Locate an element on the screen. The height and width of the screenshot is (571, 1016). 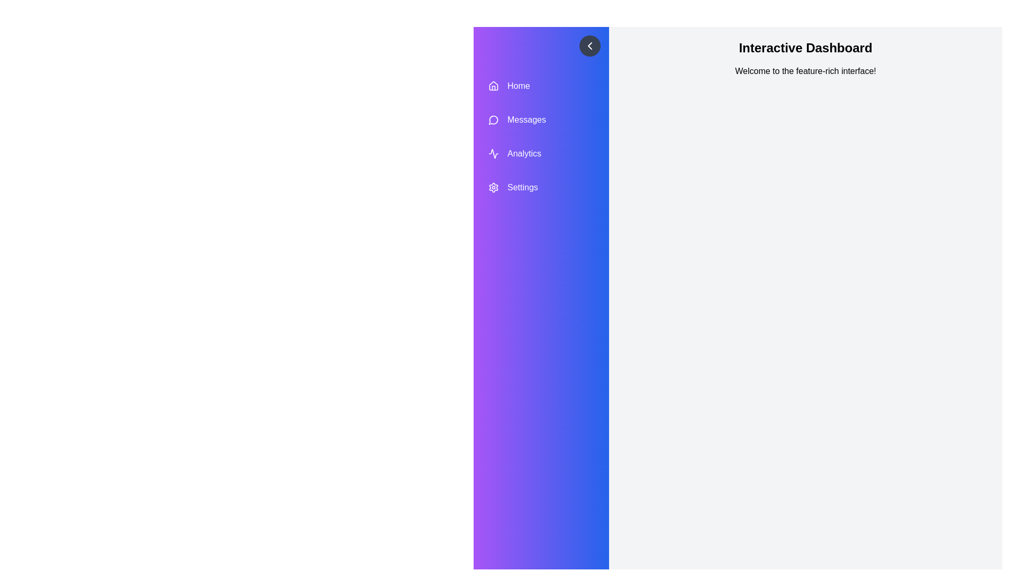
the menu item labeled Settings is located at coordinates (541, 187).